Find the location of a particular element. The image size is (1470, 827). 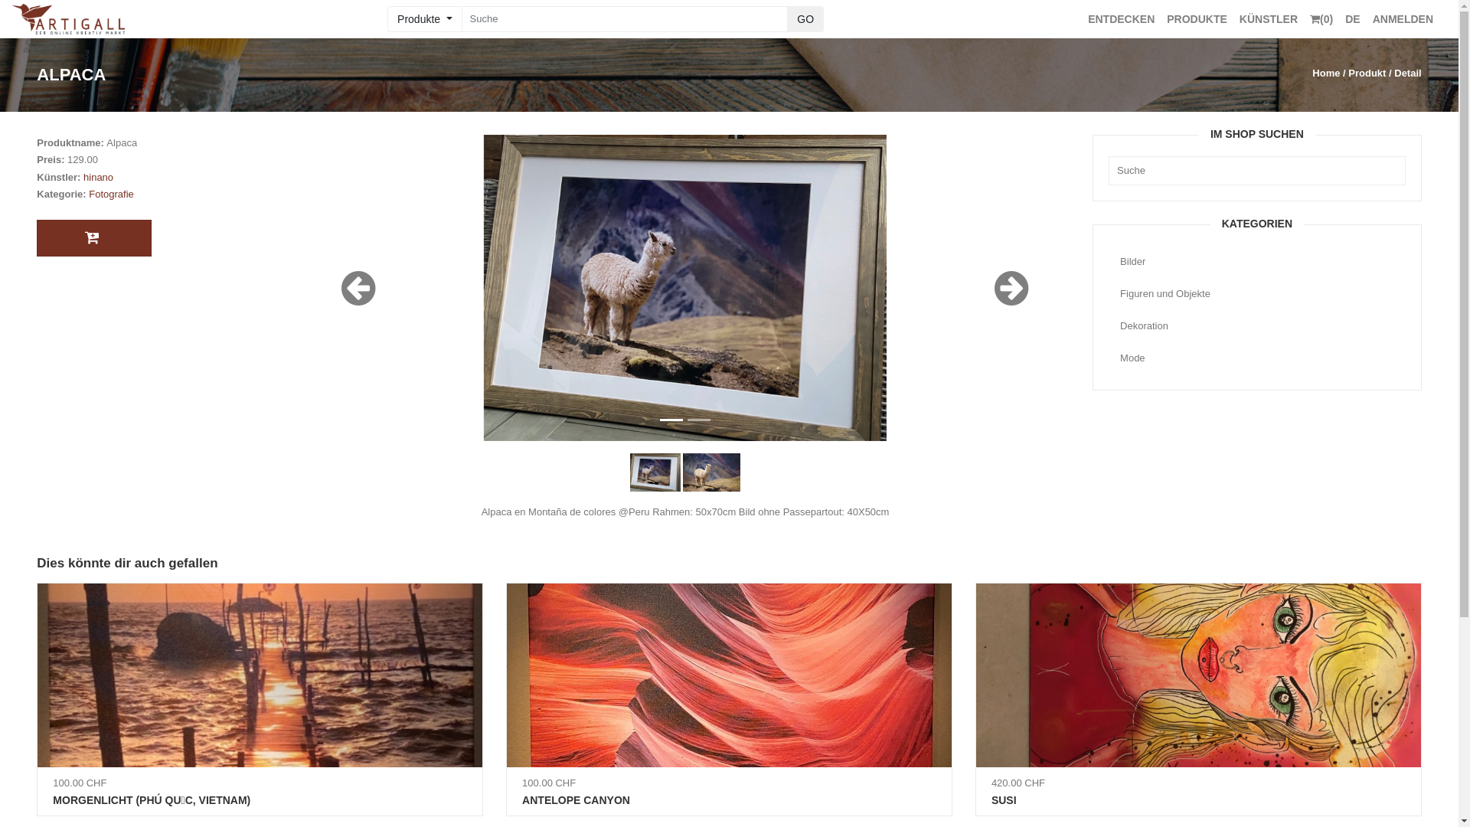

'ANMELDEN' is located at coordinates (1403, 18).